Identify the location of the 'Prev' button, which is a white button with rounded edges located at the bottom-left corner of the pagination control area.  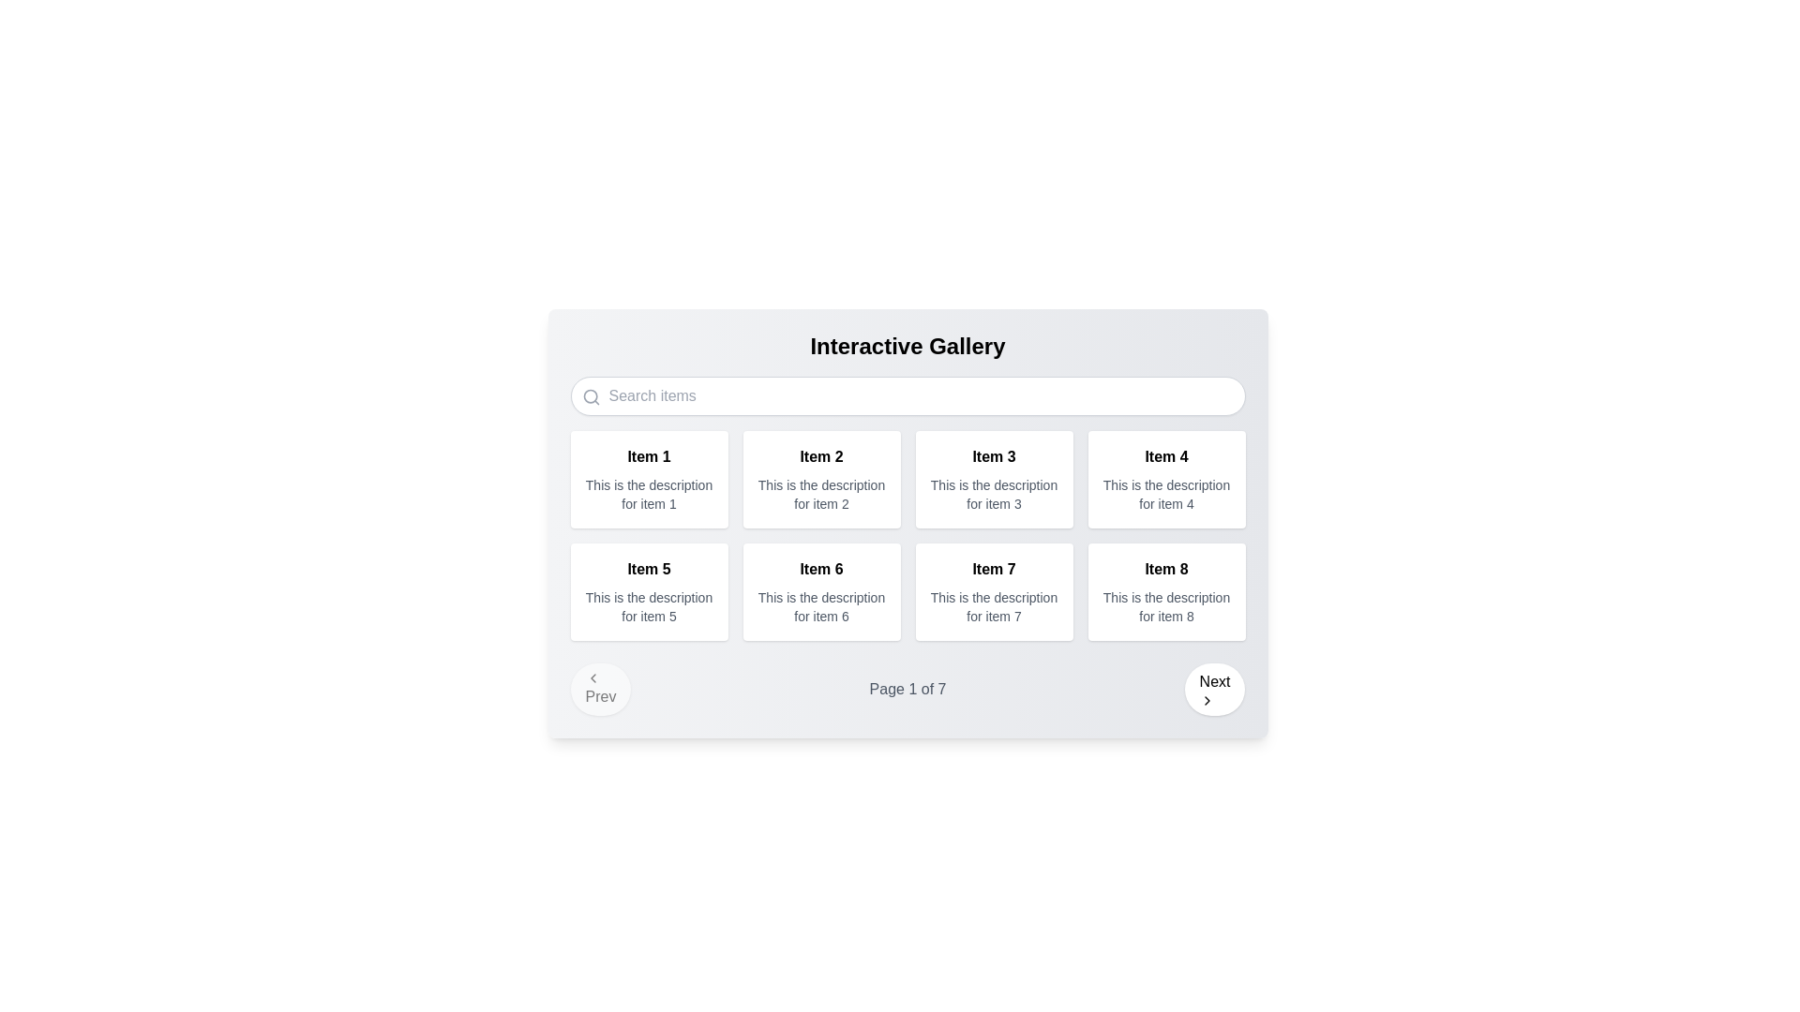
(600, 690).